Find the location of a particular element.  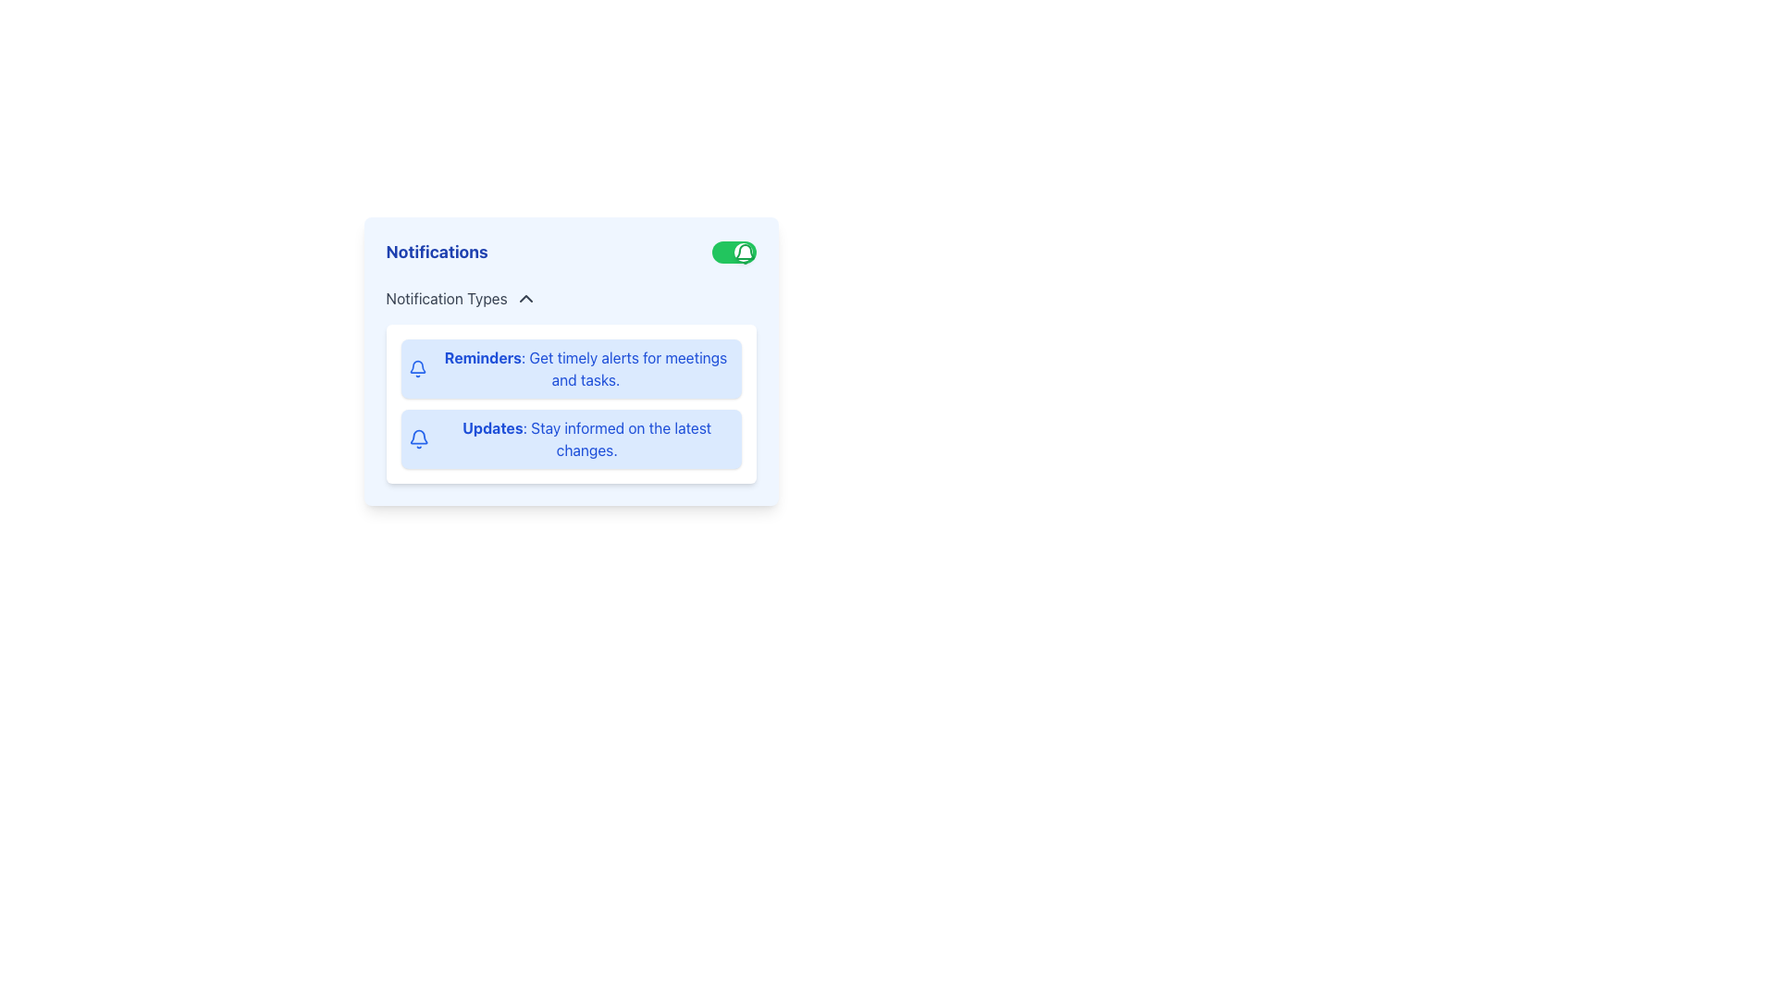

the notification icon located in the upper-right corner of the notification settings interface, which is part of a toggle switch indicating the active status of notification features is located at coordinates (745, 253).